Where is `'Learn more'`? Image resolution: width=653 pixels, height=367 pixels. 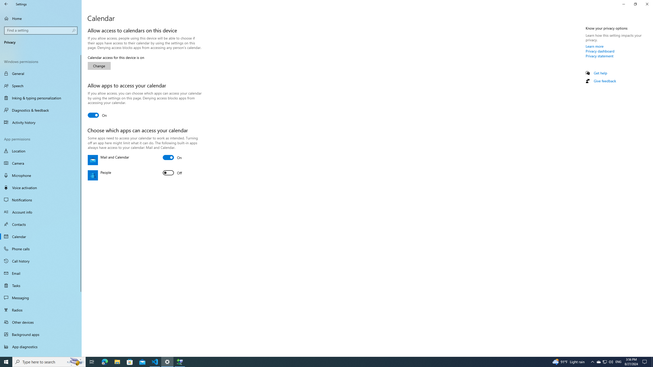
'Learn more' is located at coordinates (595, 46).